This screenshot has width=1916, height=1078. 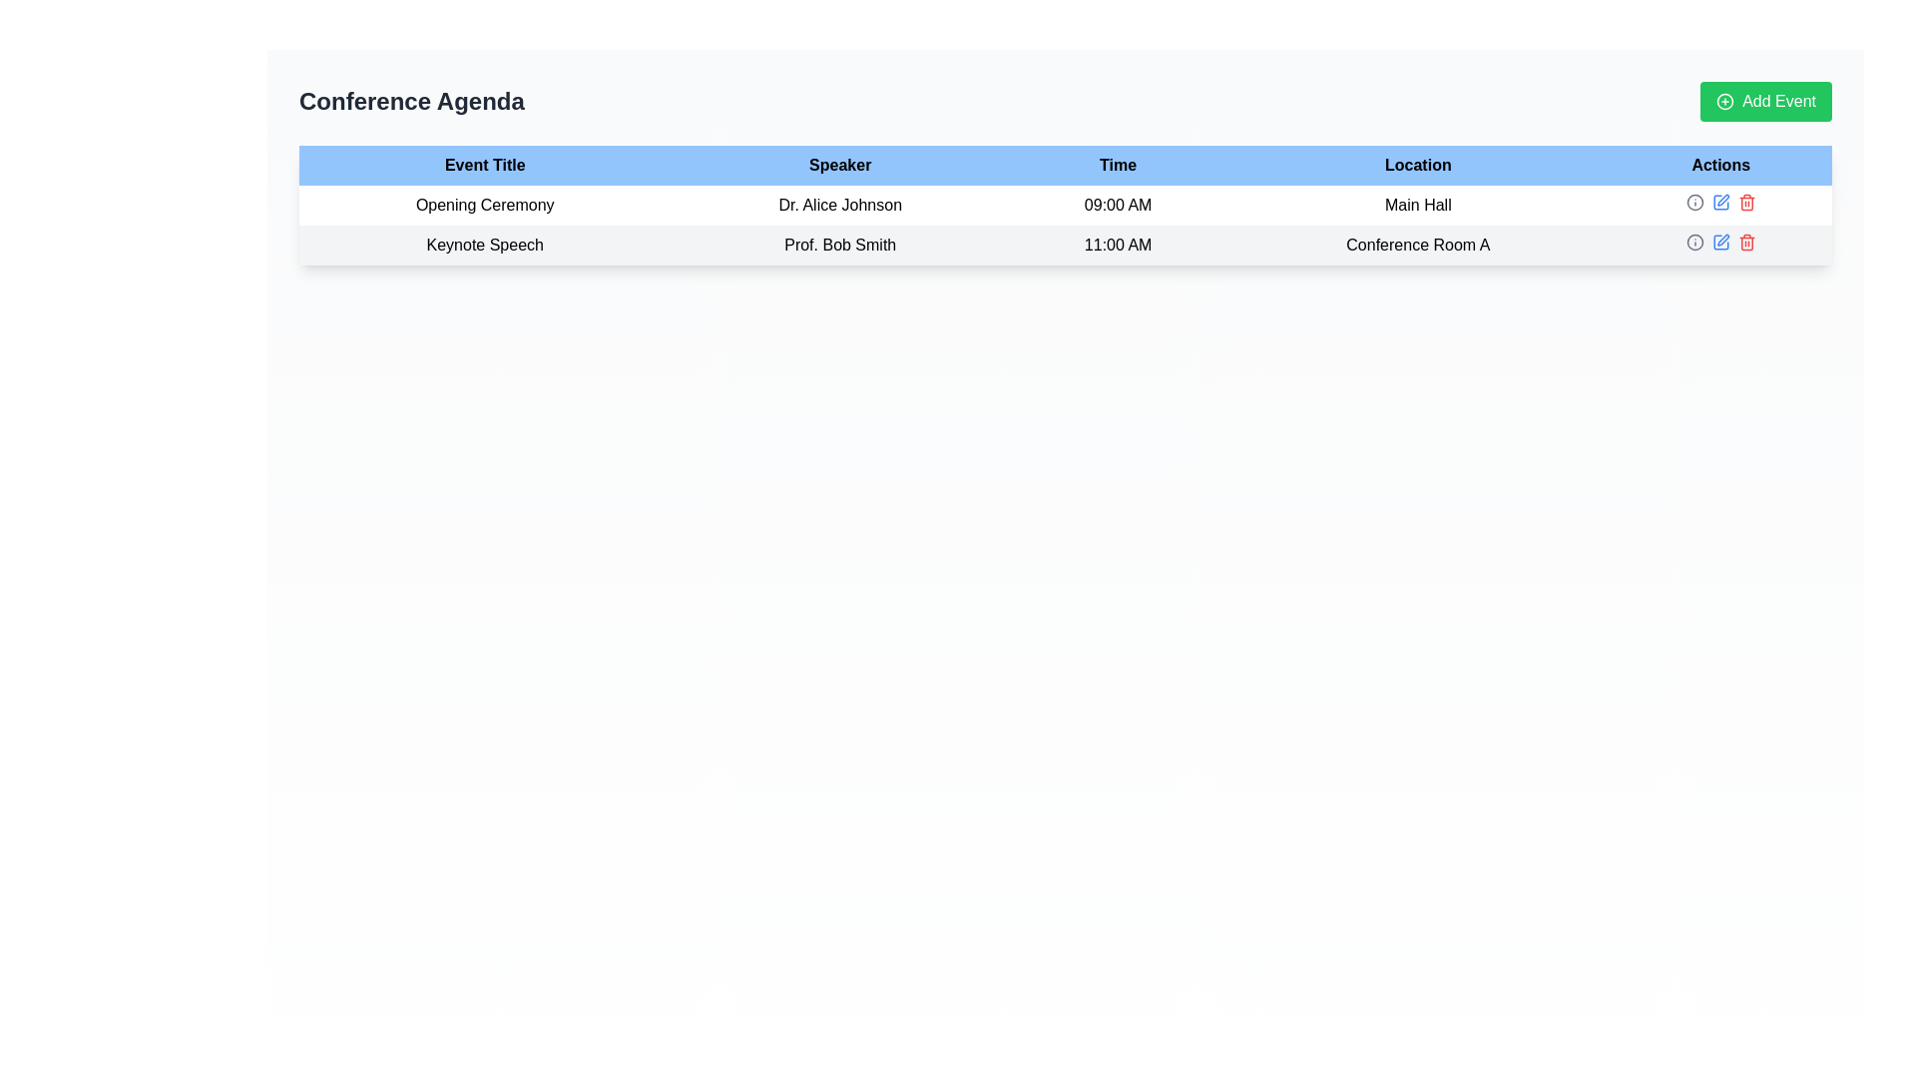 I want to click on the 'Location' table header, which has a light blue background and black centered text, positioned as the fourth column in the table, so click(x=1417, y=164).